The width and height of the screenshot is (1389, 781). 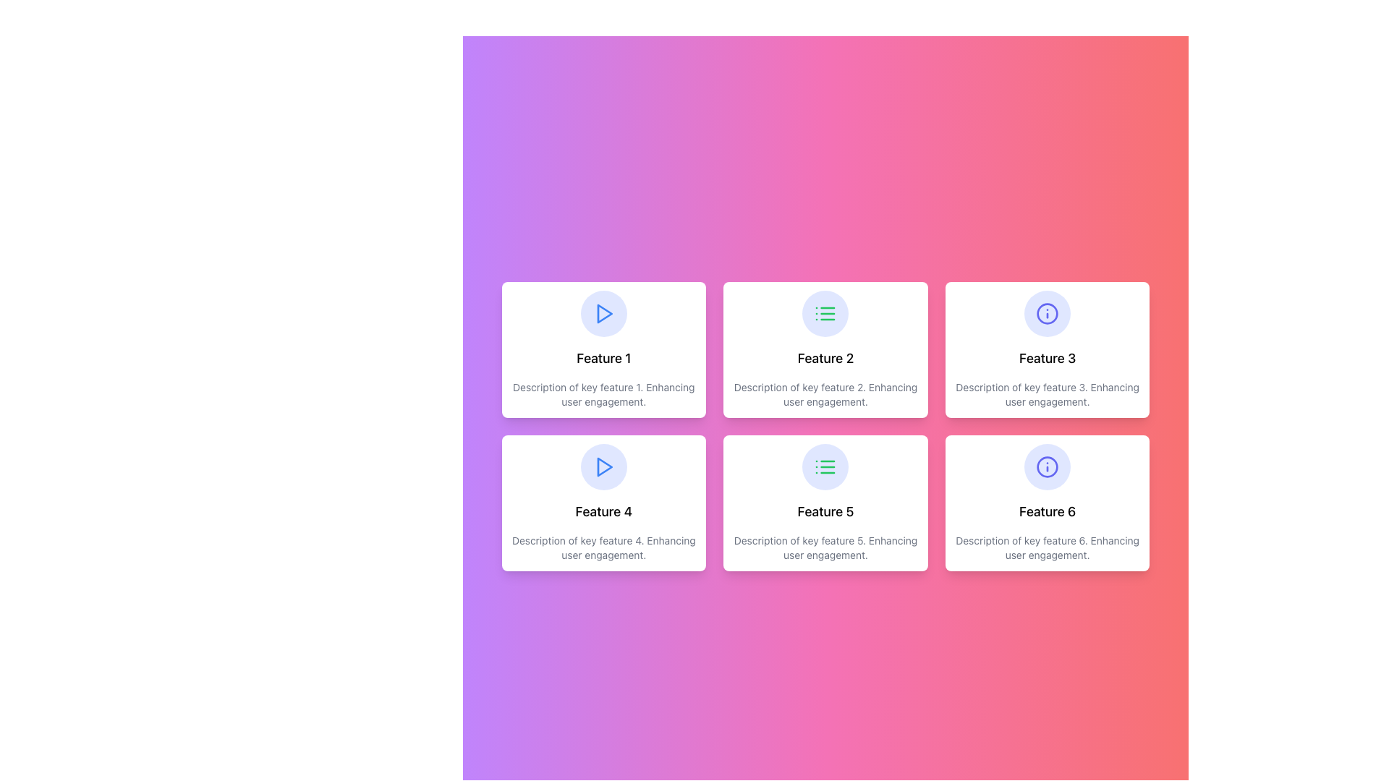 I want to click on the text label displaying 'Feature 3' which is located in the top-right quadrant of the grid layout, so click(x=1048, y=358).